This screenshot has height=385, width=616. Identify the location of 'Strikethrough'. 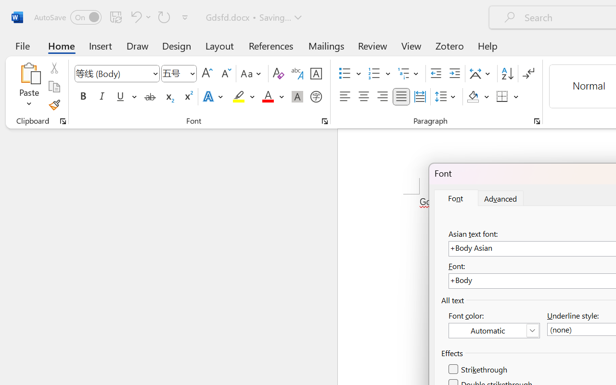
(479, 369).